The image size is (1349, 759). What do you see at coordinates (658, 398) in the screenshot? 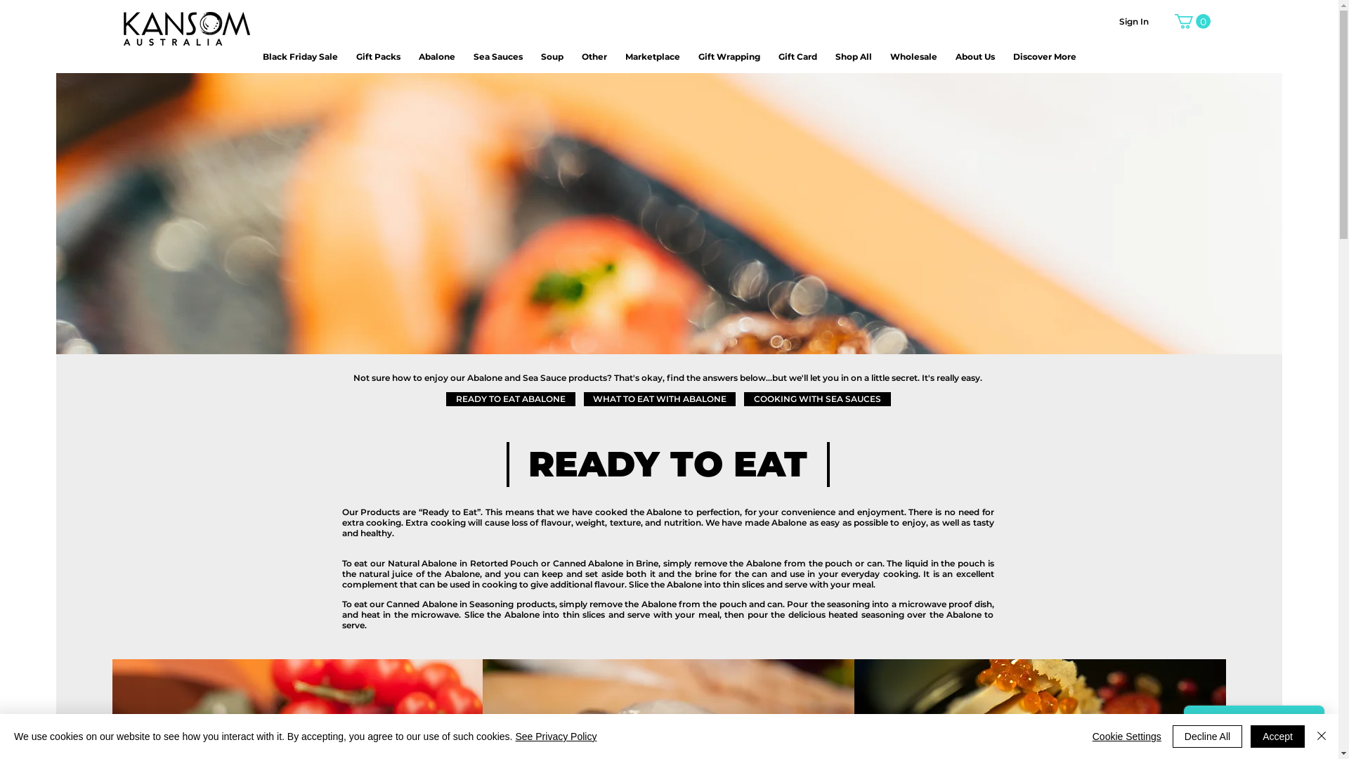
I see `'WHAT TO EAT WITH ABALONE'` at bounding box center [658, 398].